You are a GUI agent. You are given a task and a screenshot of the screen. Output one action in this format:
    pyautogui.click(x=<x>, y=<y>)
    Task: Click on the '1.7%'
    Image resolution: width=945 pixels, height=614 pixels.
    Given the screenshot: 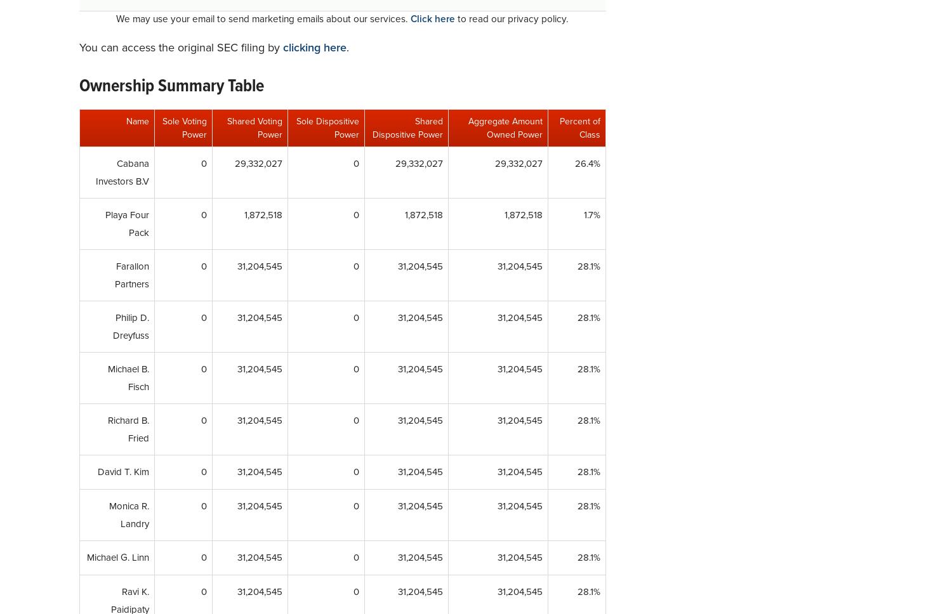 What is the action you would take?
    pyautogui.click(x=583, y=214)
    